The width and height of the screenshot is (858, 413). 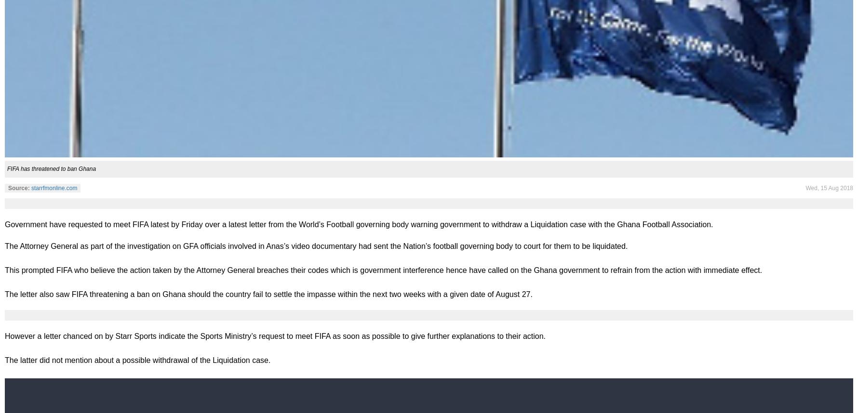 I want to click on 'However a letter chanced on by Starr Sports indicate the Sports Ministry’s request to meet FIFA as soon as possible to give further explanations to their action.', so click(x=4, y=336).